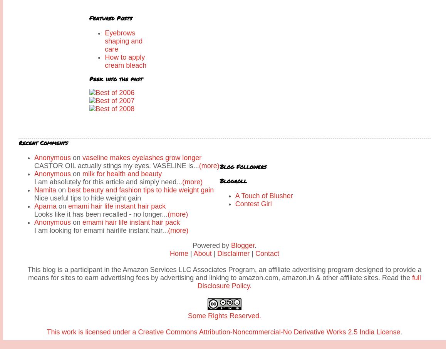 The width and height of the screenshot is (446, 349). What do you see at coordinates (87, 197) in the screenshot?
I see `'Nice useful tips to hide weight gain'` at bounding box center [87, 197].